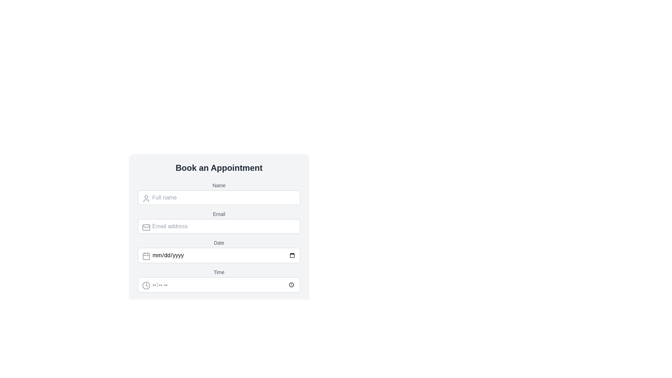  I want to click on the calendar icon, which is represented by a decorative SVG rectangle and is located to the left of the 'Date' input field in the 'Book an Appointment' section, so click(146, 256).